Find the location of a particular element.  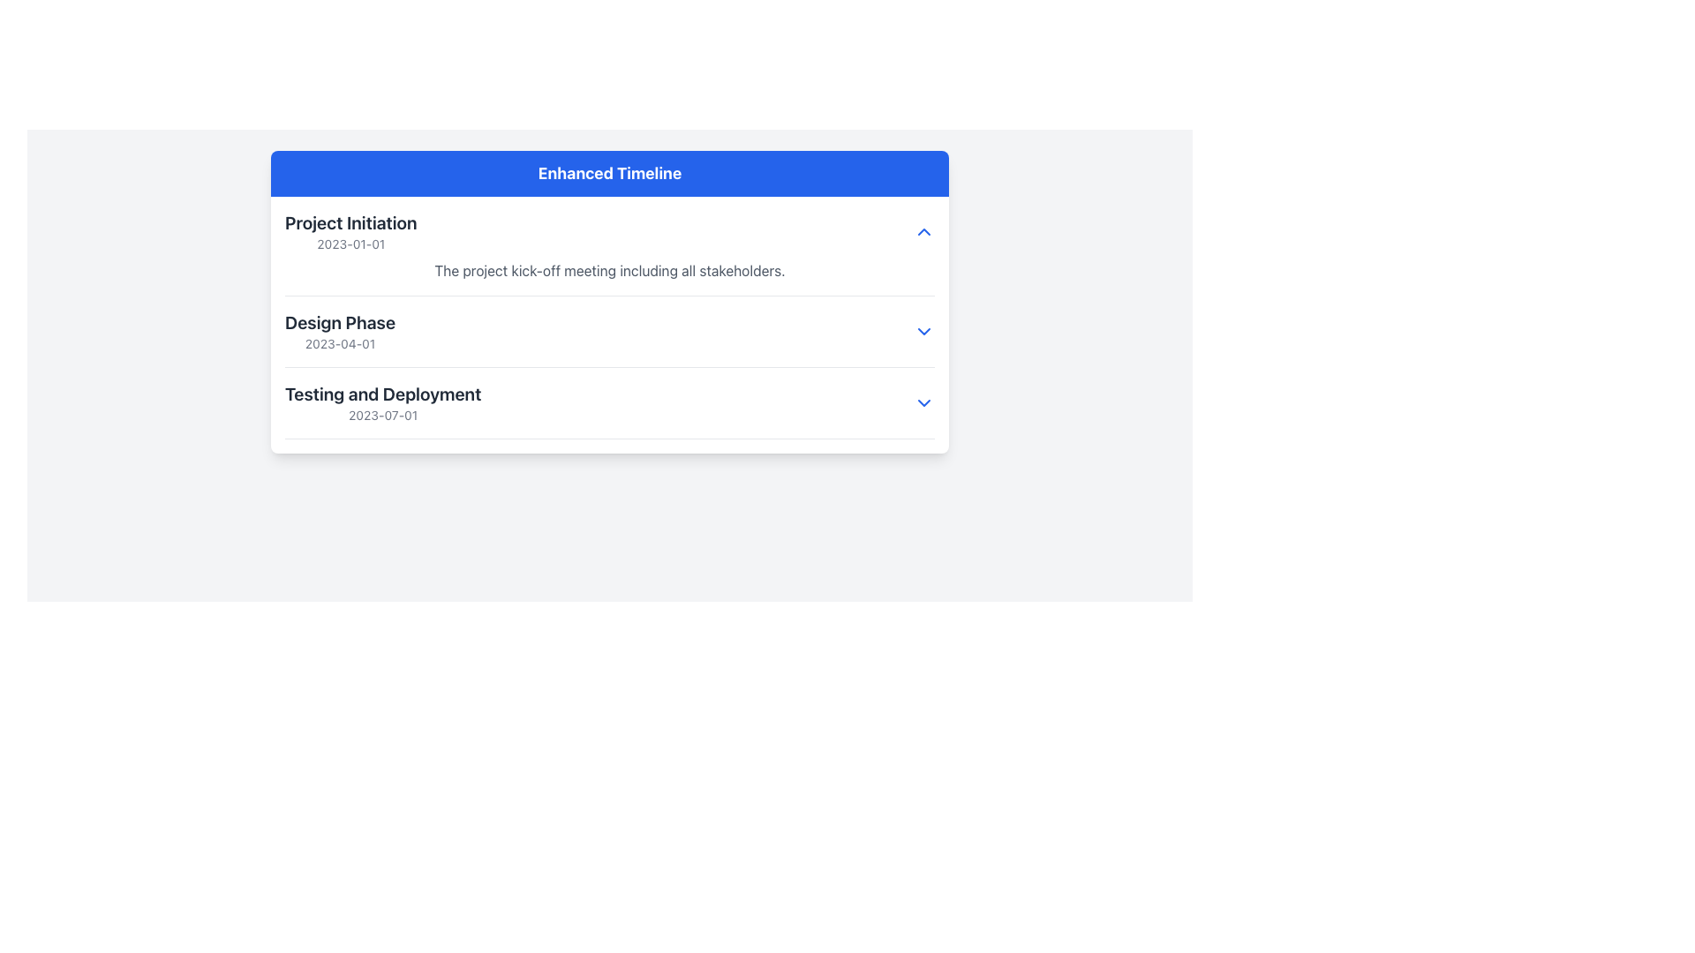

the bold and large text block reading 'Project Initiation' located at the top-left corner inside a white rectangular section under the blue header 'Enhanced Timeline' is located at coordinates (350, 222).